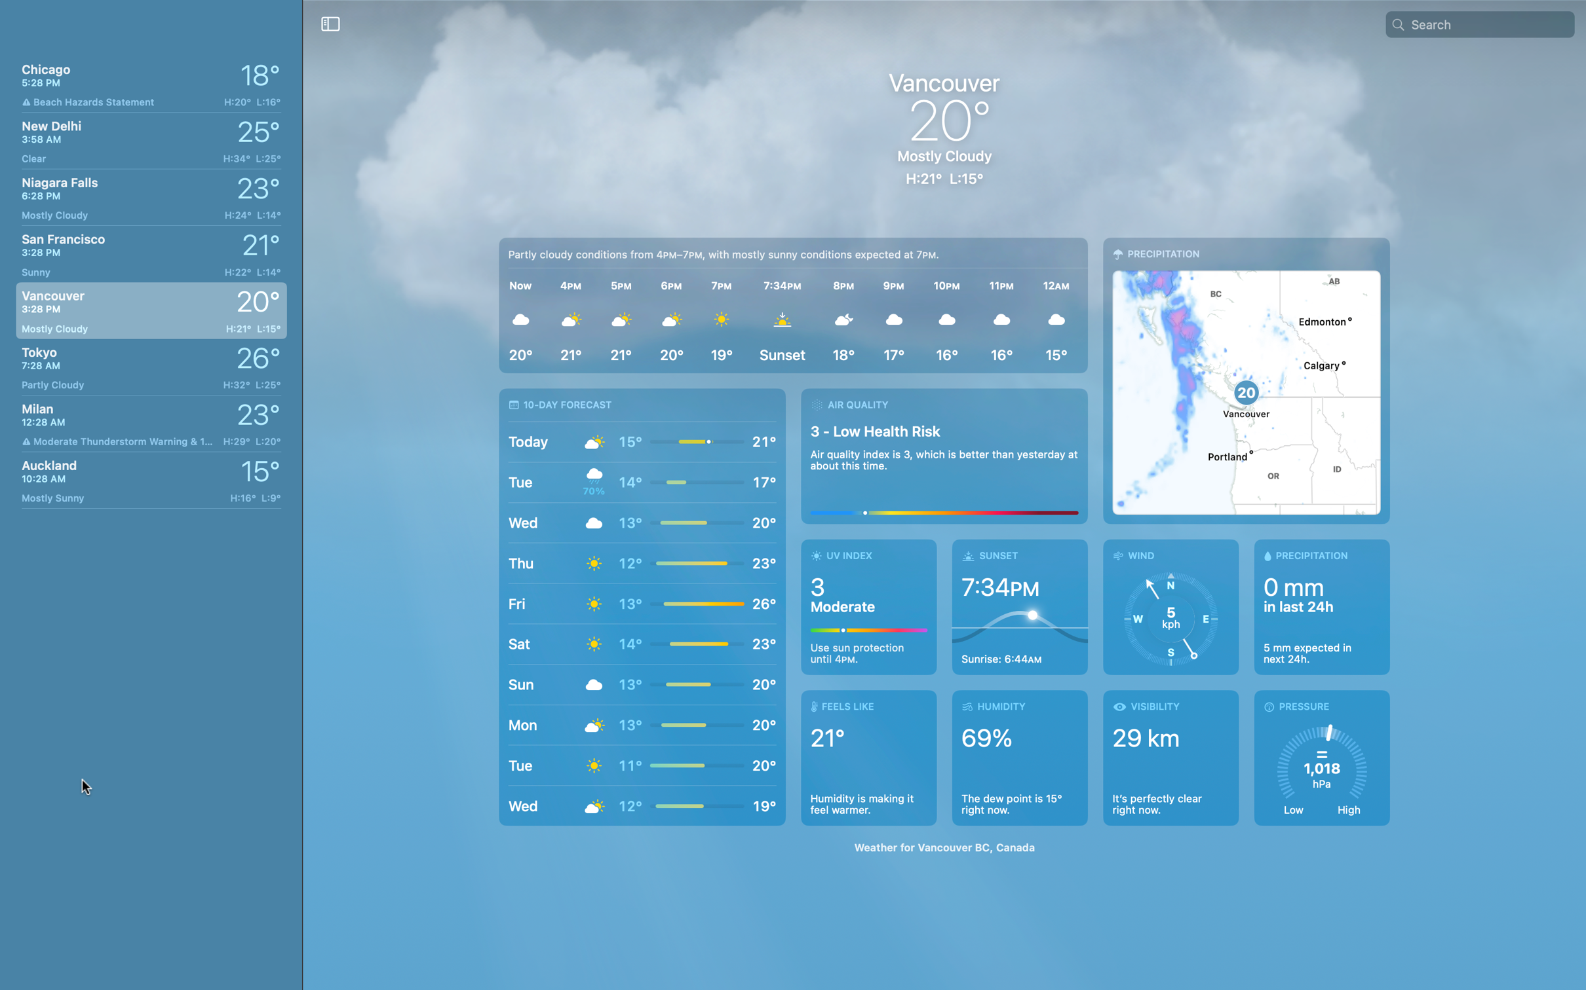 The width and height of the screenshot is (1586, 990). What do you see at coordinates (148, 250) in the screenshot?
I see `Look up San Francisco"s current weather` at bounding box center [148, 250].